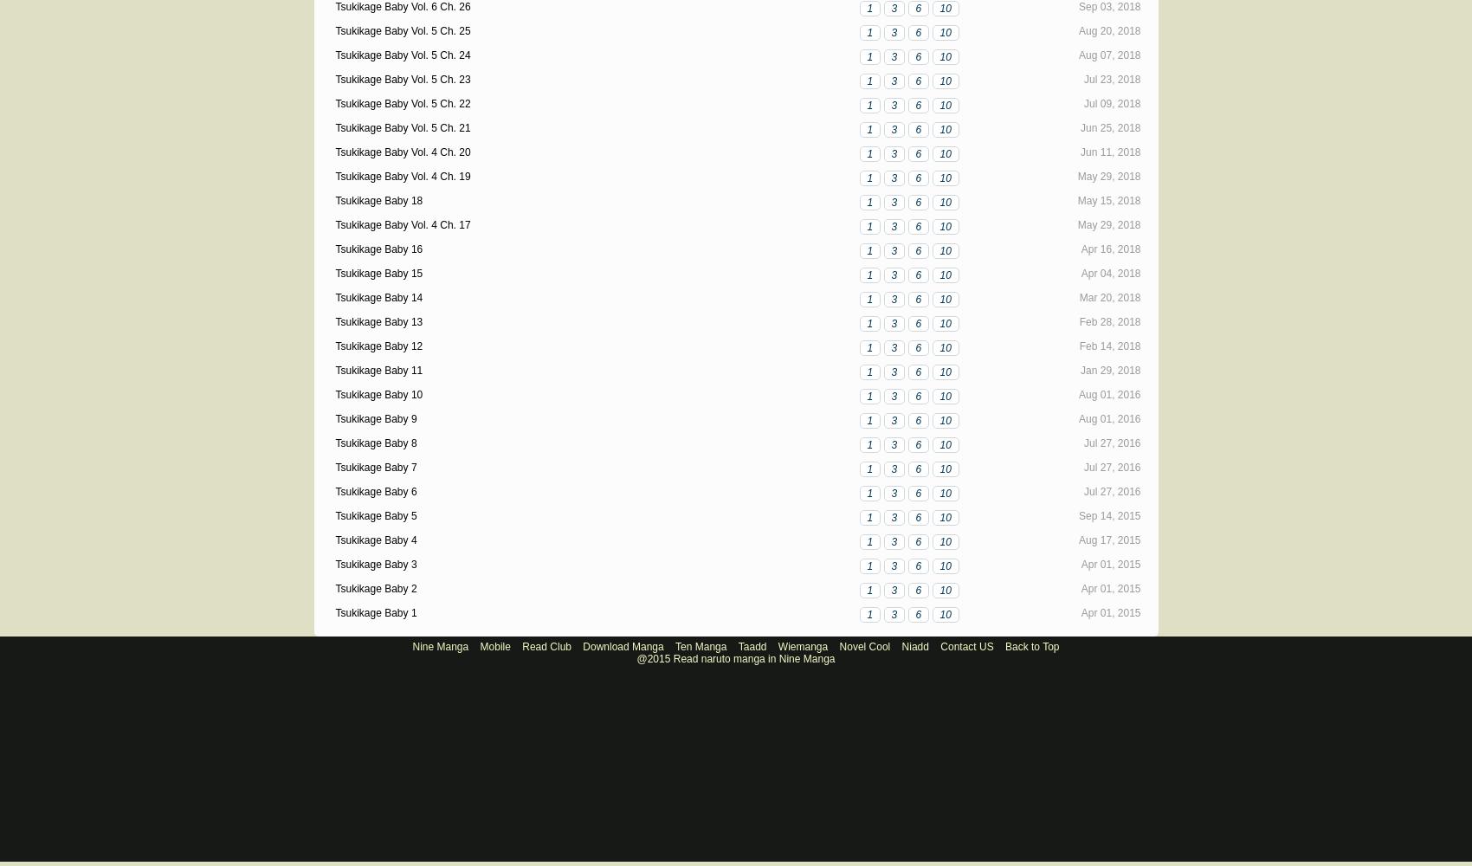  Describe the element at coordinates (837, 646) in the screenshot. I see `'Novel Cool'` at that location.